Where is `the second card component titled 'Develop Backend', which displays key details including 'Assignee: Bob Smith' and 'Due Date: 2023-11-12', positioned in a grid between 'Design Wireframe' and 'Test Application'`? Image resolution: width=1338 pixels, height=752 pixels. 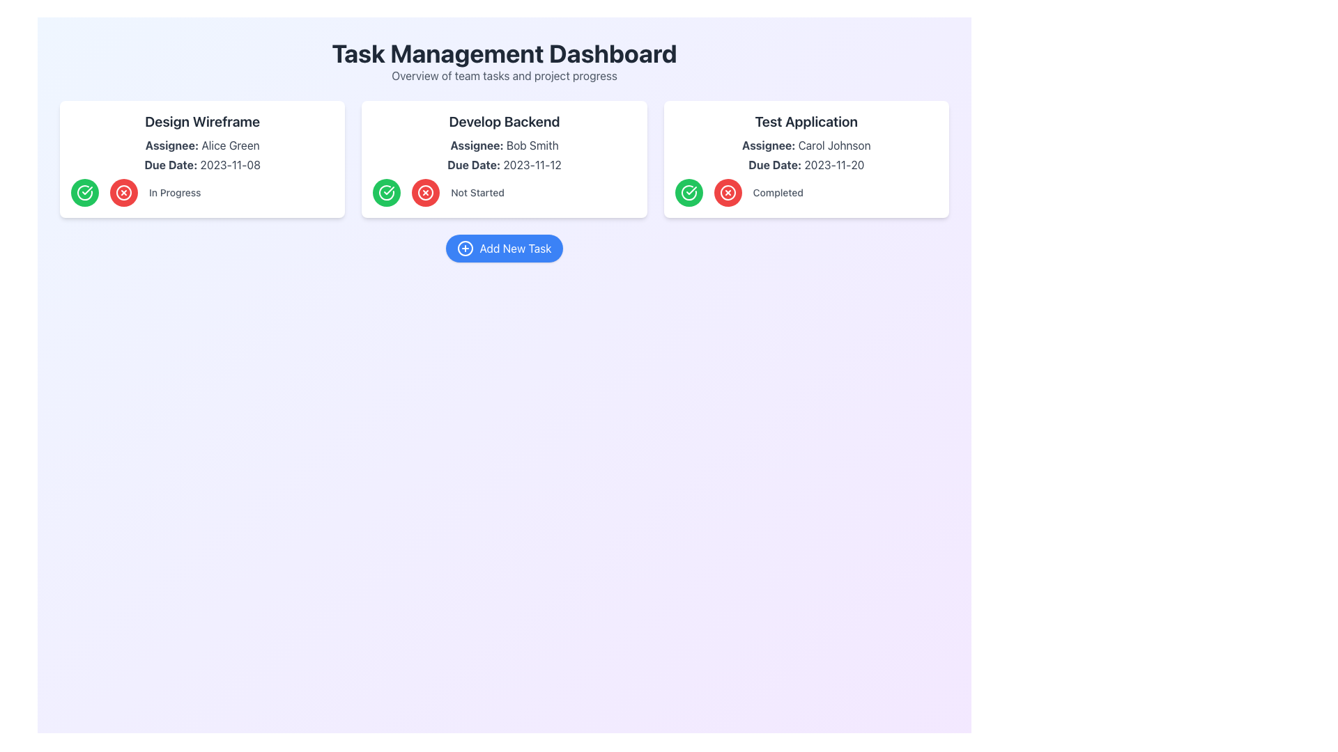
the second card component titled 'Develop Backend', which displays key details including 'Assignee: Bob Smith' and 'Due Date: 2023-11-12', positioned in a grid between 'Design Wireframe' and 'Test Application' is located at coordinates (504, 158).